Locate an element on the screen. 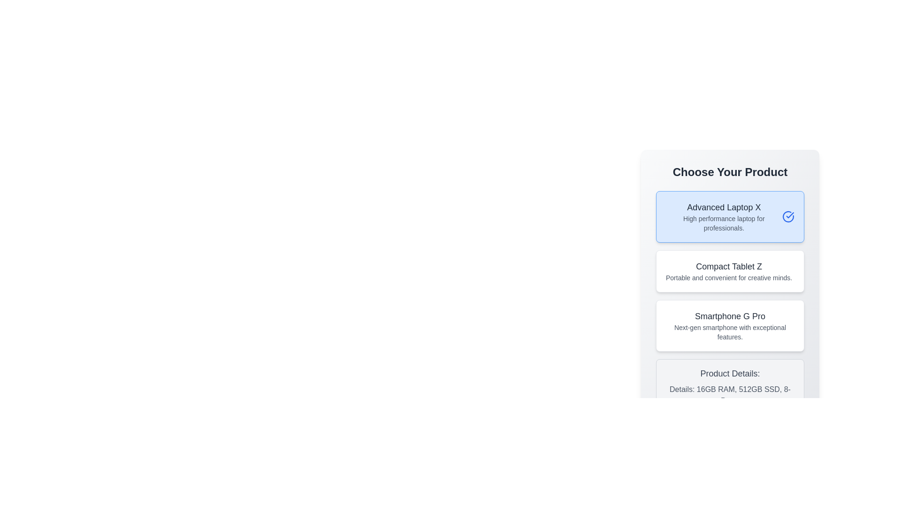 The height and width of the screenshot is (507, 901). the text label that displays 'Advanced Laptop X', which is styled in a larger bold font and is positioned at the top of a vertical list of product options is located at coordinates (723, 207).